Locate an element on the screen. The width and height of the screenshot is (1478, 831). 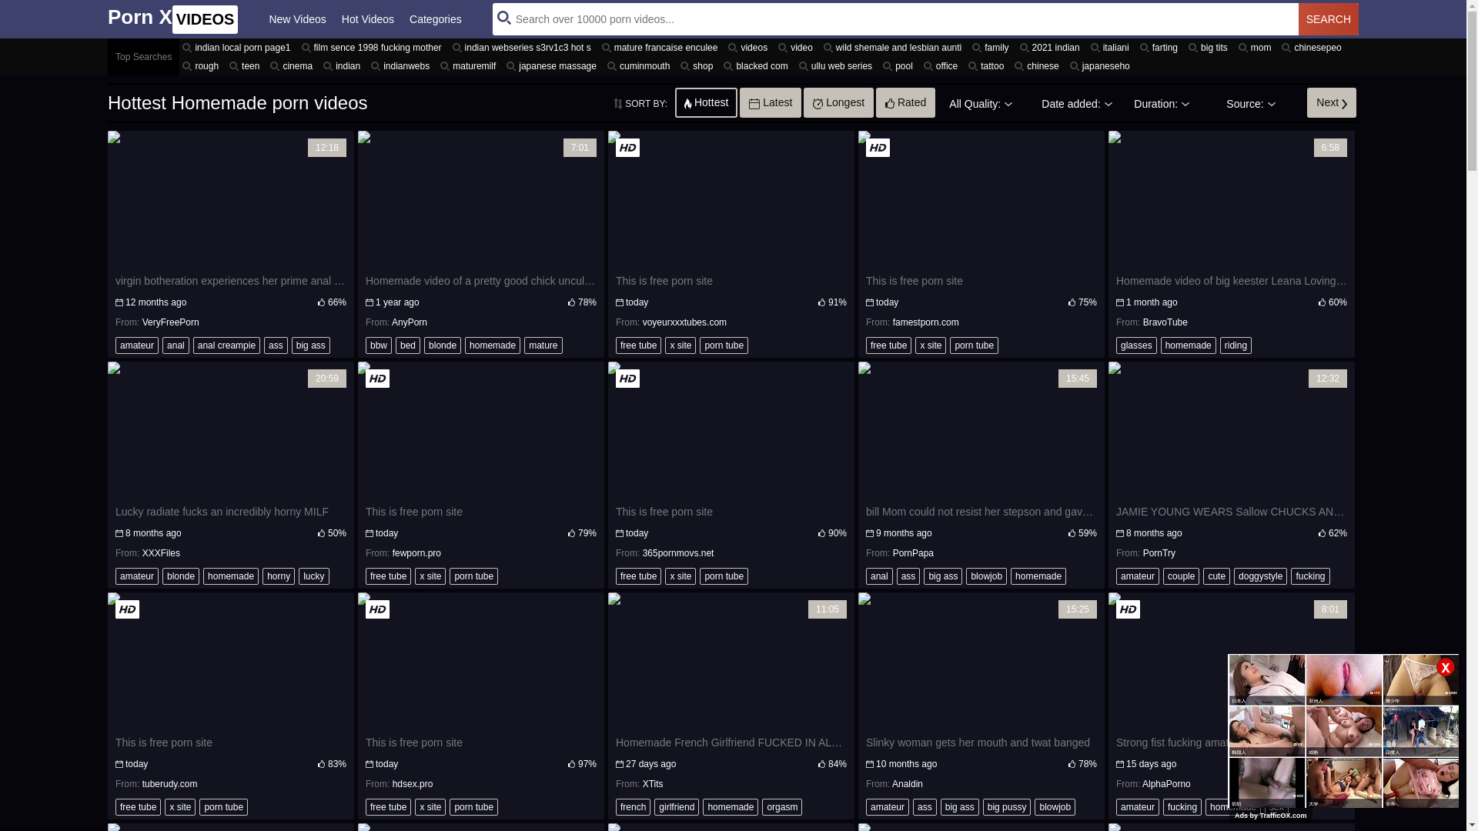
'chinesepeo' is located at coordinates (1312, 46).